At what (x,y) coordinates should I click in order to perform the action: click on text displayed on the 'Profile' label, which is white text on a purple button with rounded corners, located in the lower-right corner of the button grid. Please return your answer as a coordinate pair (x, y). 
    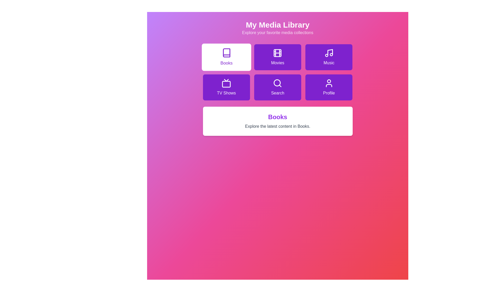
    Looking at the image, I should click on (329, 93).